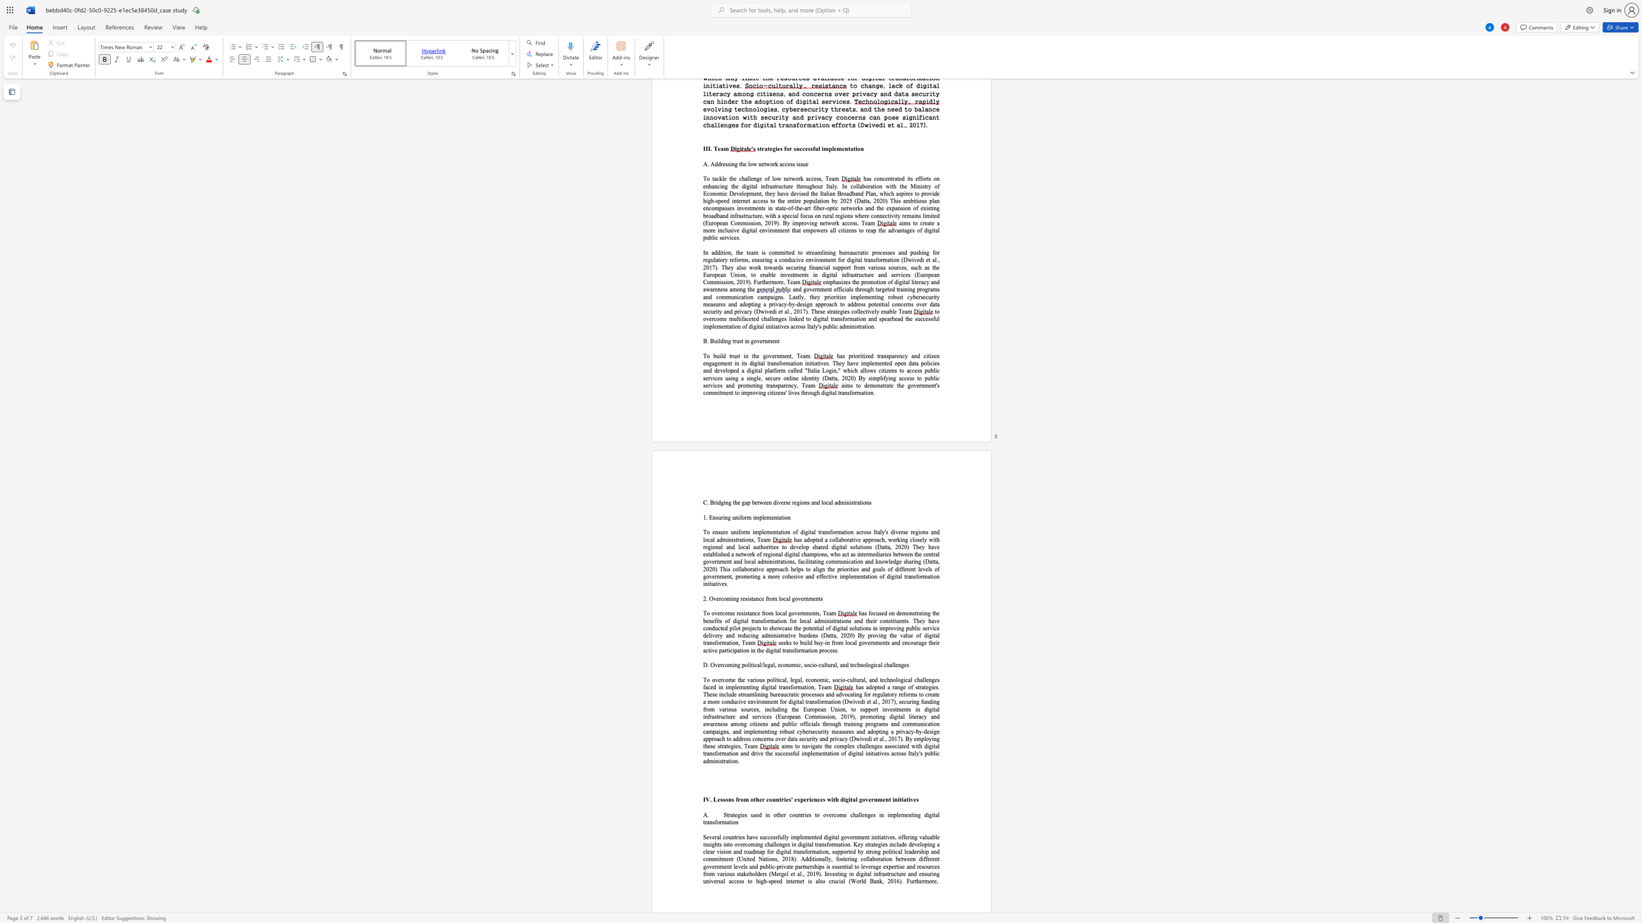 Image resolution: width=1642 pixels, height=923 pixels. I want to click on the subset text "l and local authorities to develop shared digital solutions (Datta, 2020) They have established a network of regional digital champions, who act as intermediaries between the central government and local administration" within the text "has adopted a collaborative approach, working closely with regional and local authorities to develop shared digital solutions (Datta, 2020) They have established a network of regional digital champions, who act as intermediaries between the central government and local administrations, facilitating communication and knowledge sharing (Datta, 2020) This collaborative approach hel", so click(720, 547).